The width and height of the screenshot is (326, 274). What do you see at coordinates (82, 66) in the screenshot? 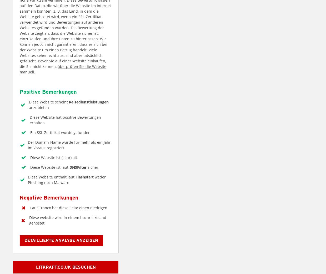
I see `'überprüfen Sie die Website'` at bounding box center [82, 66].